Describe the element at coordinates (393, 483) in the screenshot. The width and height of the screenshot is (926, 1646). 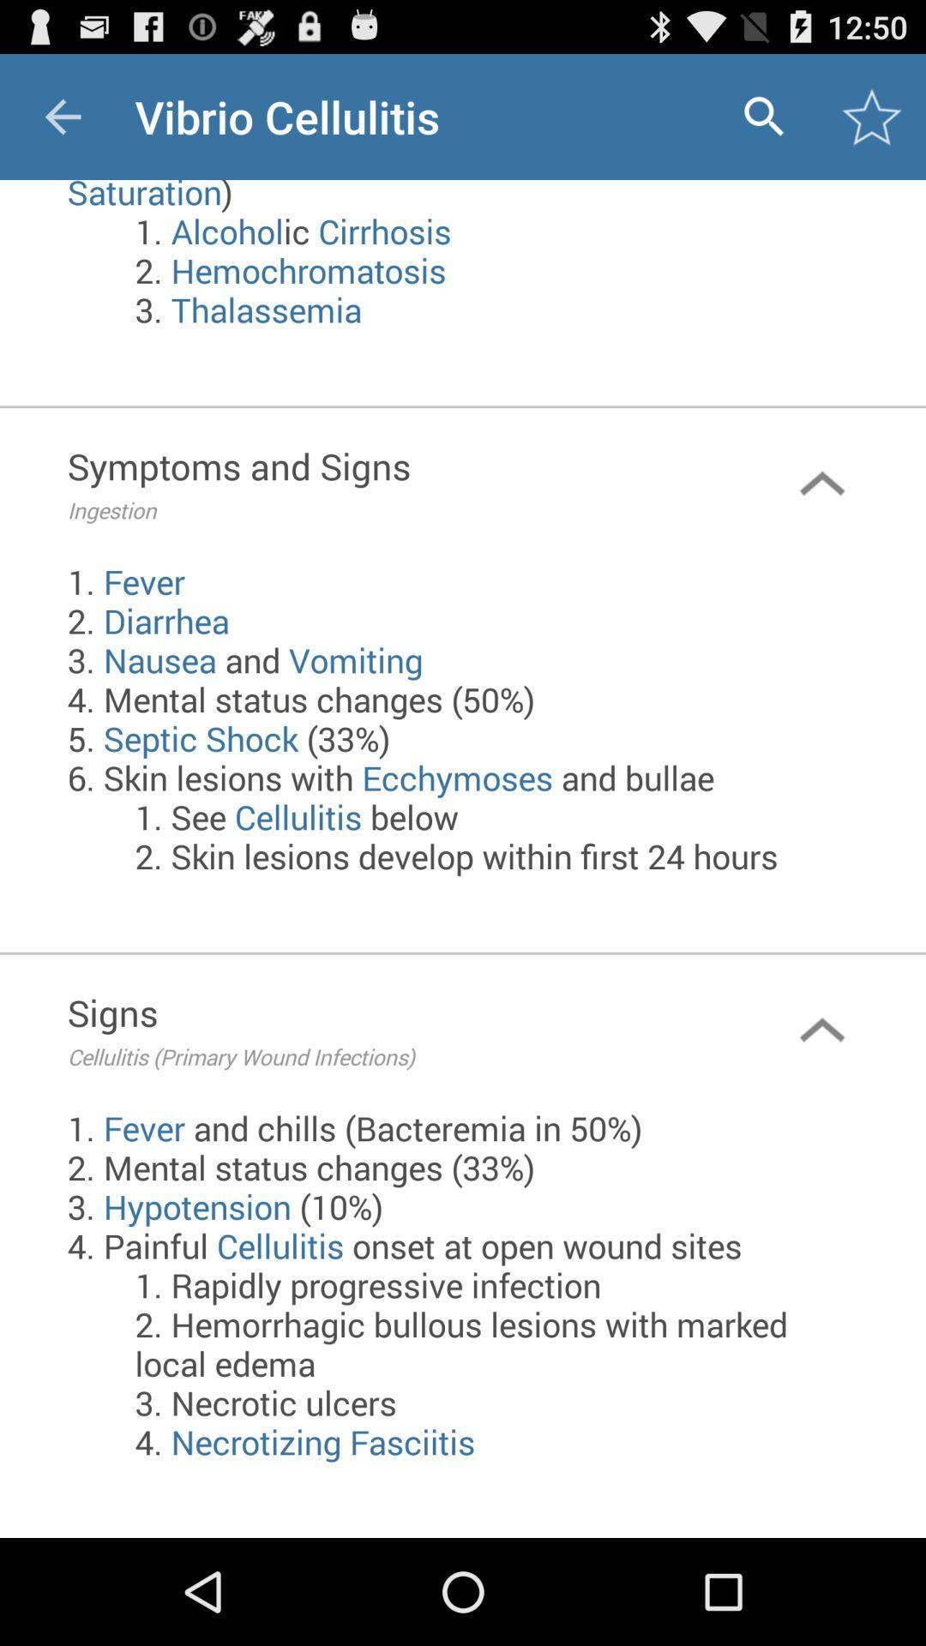
I see `the icon above 1 fever 2` at that location.